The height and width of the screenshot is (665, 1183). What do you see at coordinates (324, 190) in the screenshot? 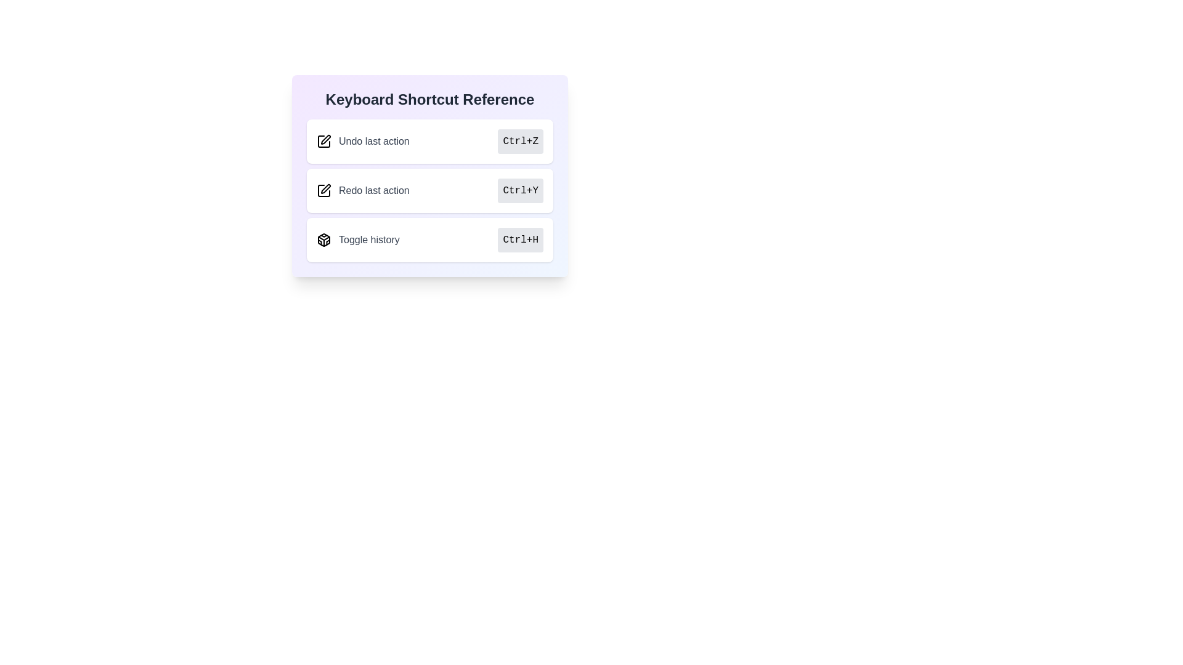
I see `the stylized pen icon located to the left of the 'Redo last action' text, which is the leftmost component in its section` at bounding box center [324, 190].